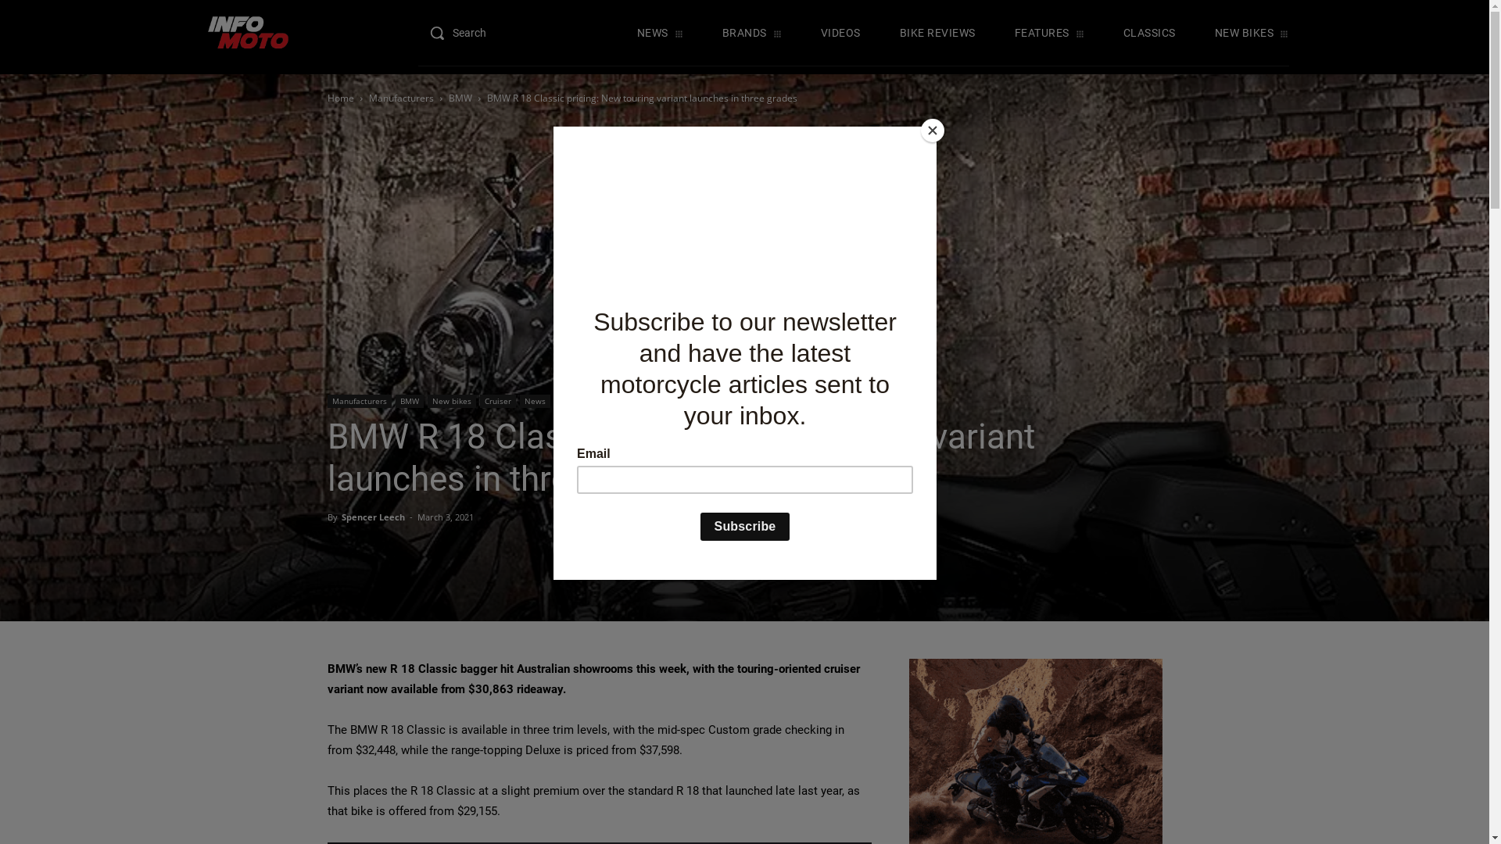 The width and height of the screenshot is (1501, 844). I want to click on 'New bikes', so click(450, 400).